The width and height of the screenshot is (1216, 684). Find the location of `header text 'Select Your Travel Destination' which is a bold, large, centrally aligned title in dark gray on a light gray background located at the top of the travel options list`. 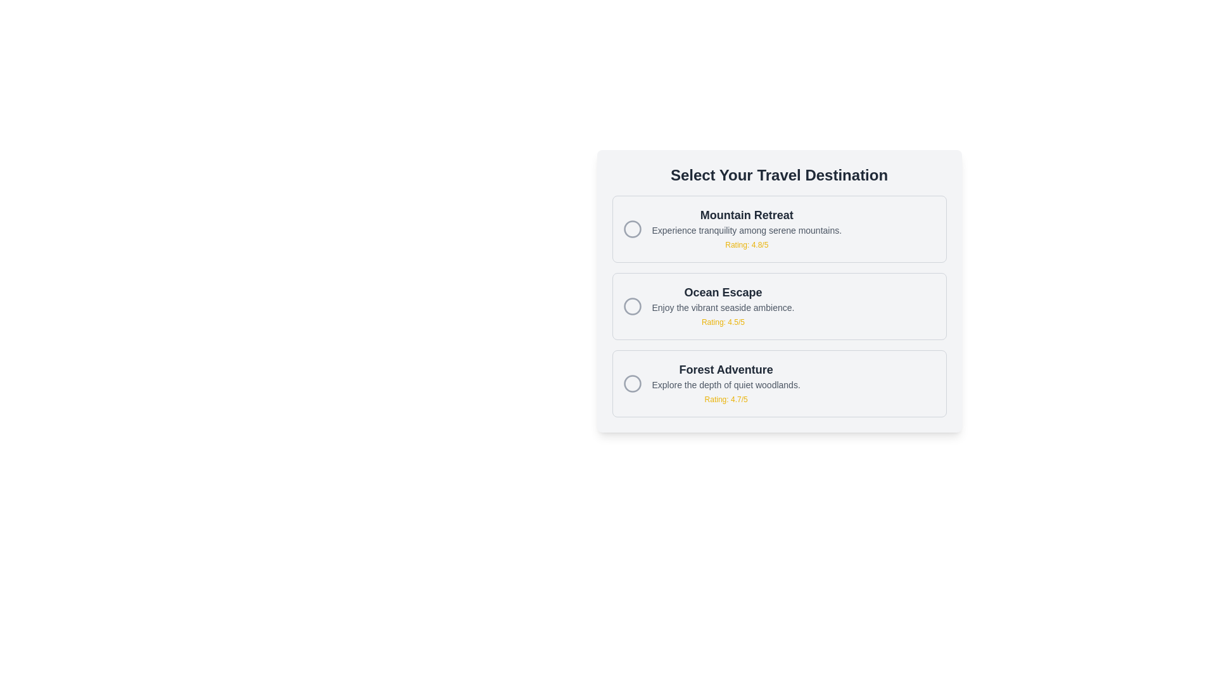

header text 'Select Your Travel Destination' which is a bold, large, centrally aligned title in dark gray on a light gray background located at the top of the travel options list is located at coordinates (778, 175).